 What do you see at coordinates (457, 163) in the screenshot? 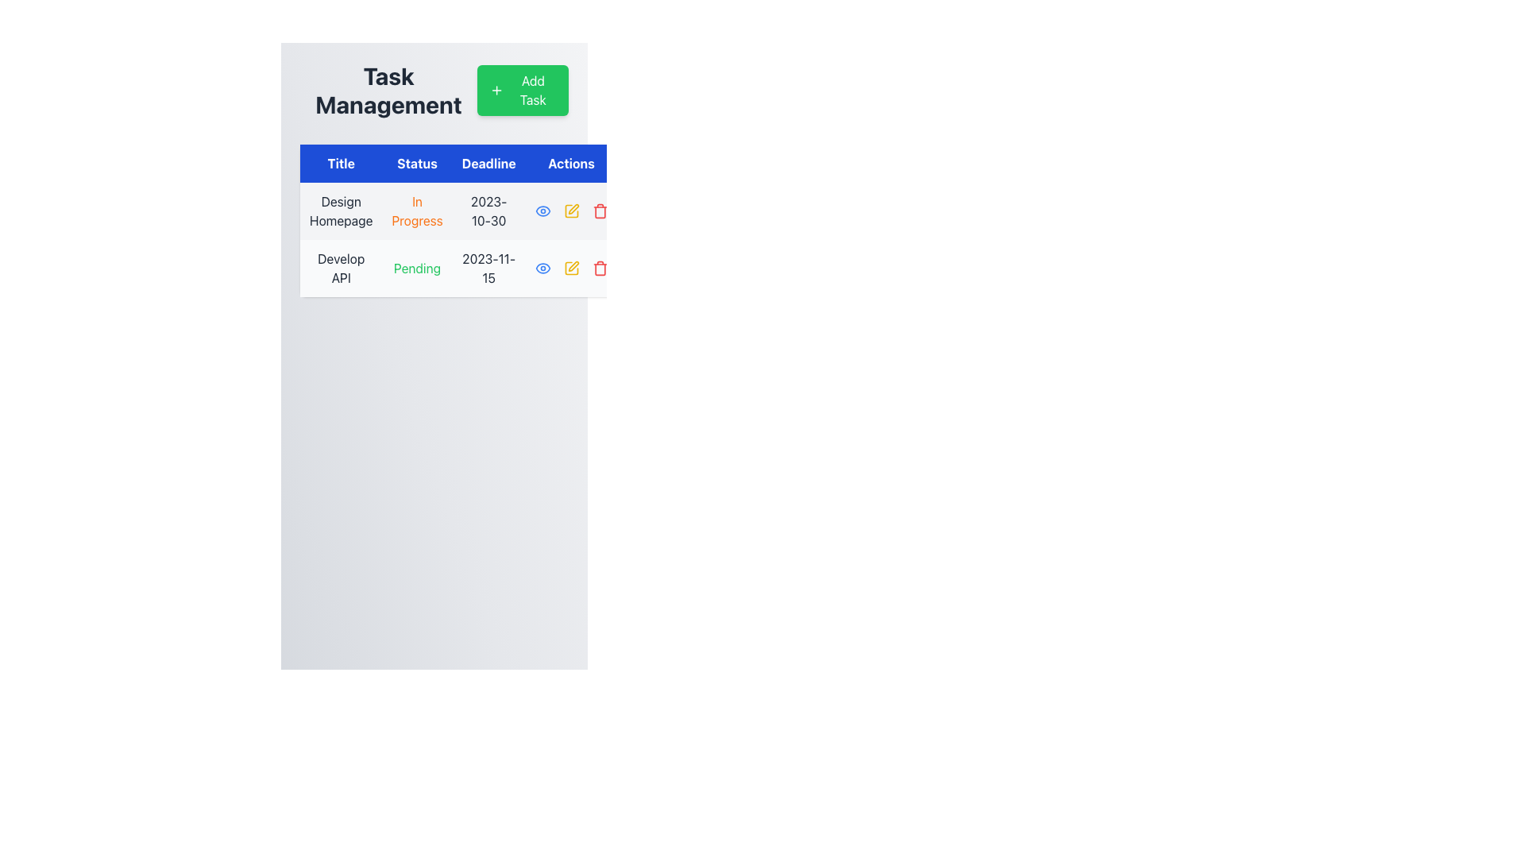
I see `the label in the Header bar that serves as a button for categorizing the columns in the Task Management section` at bounding box center [457, 163].